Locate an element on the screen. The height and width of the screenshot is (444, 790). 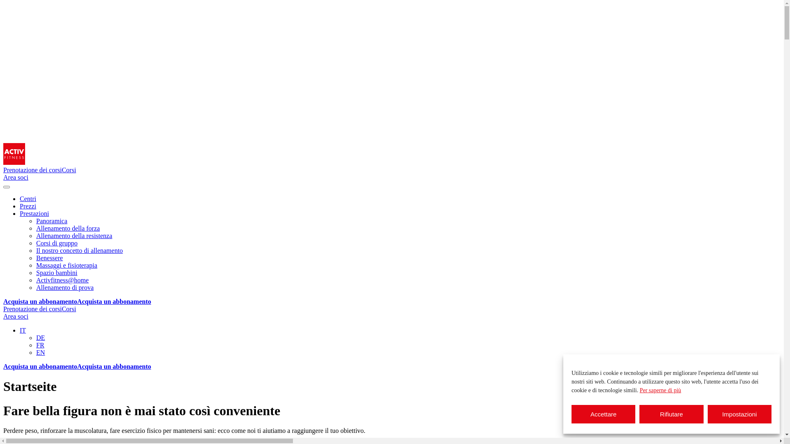
'Accettare' is located at coordinates (603, 414).